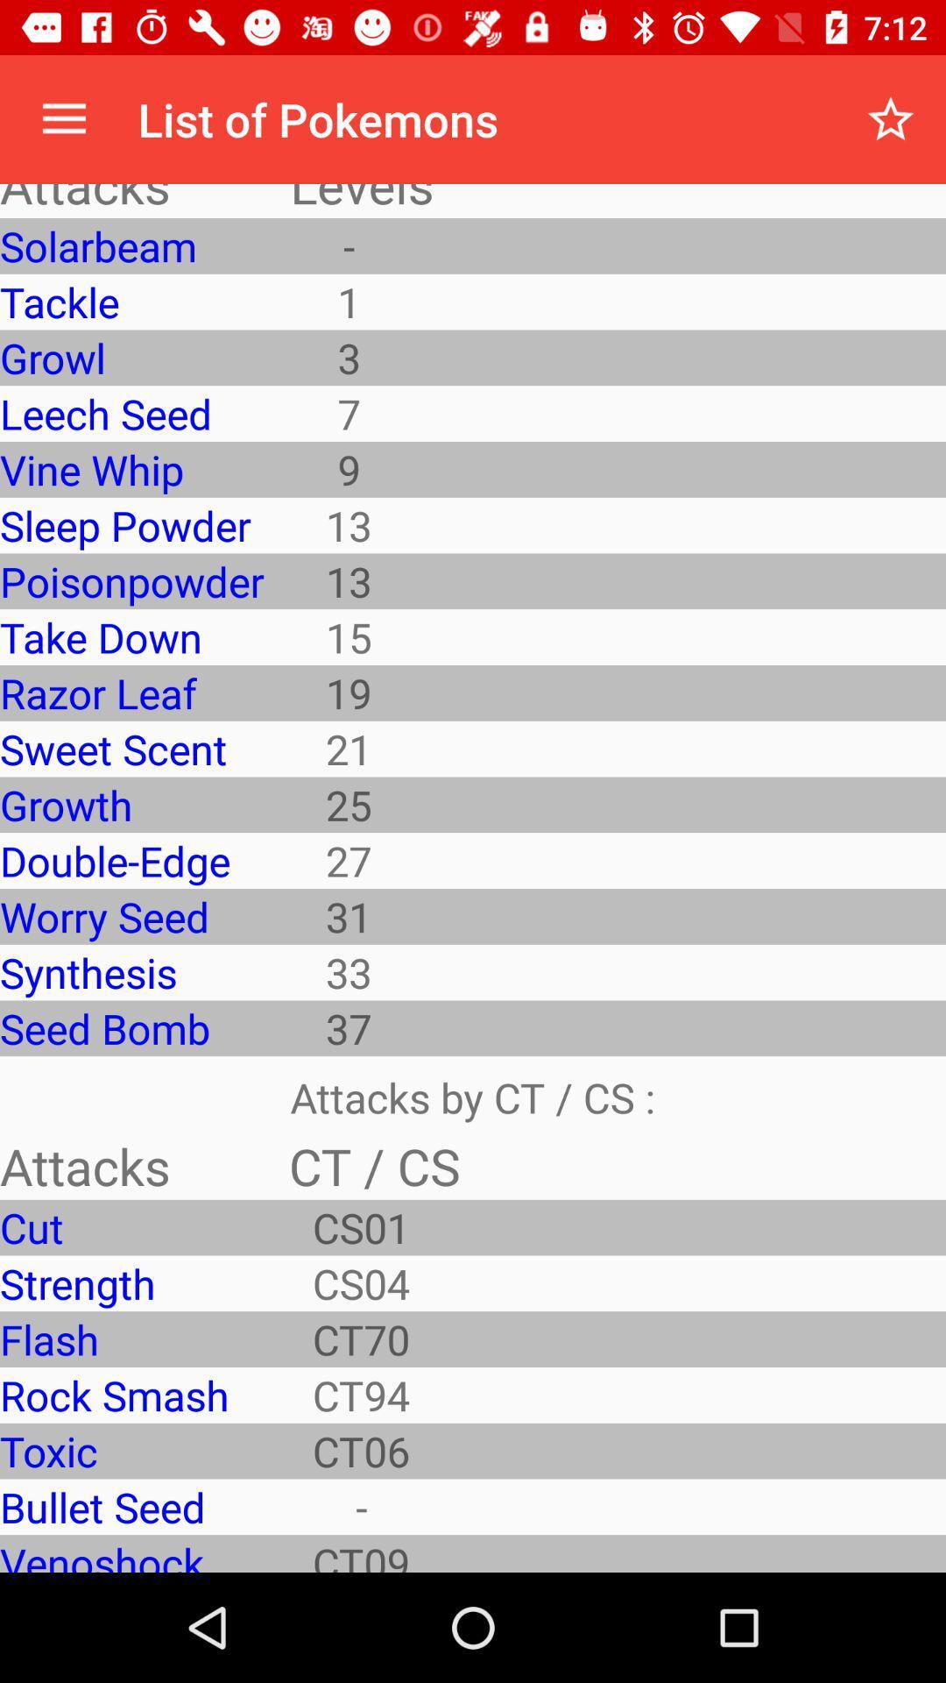  Describe the element at coordinates (131, 524) in the screenshot. I see `item above the poisonpowder item` at that location.